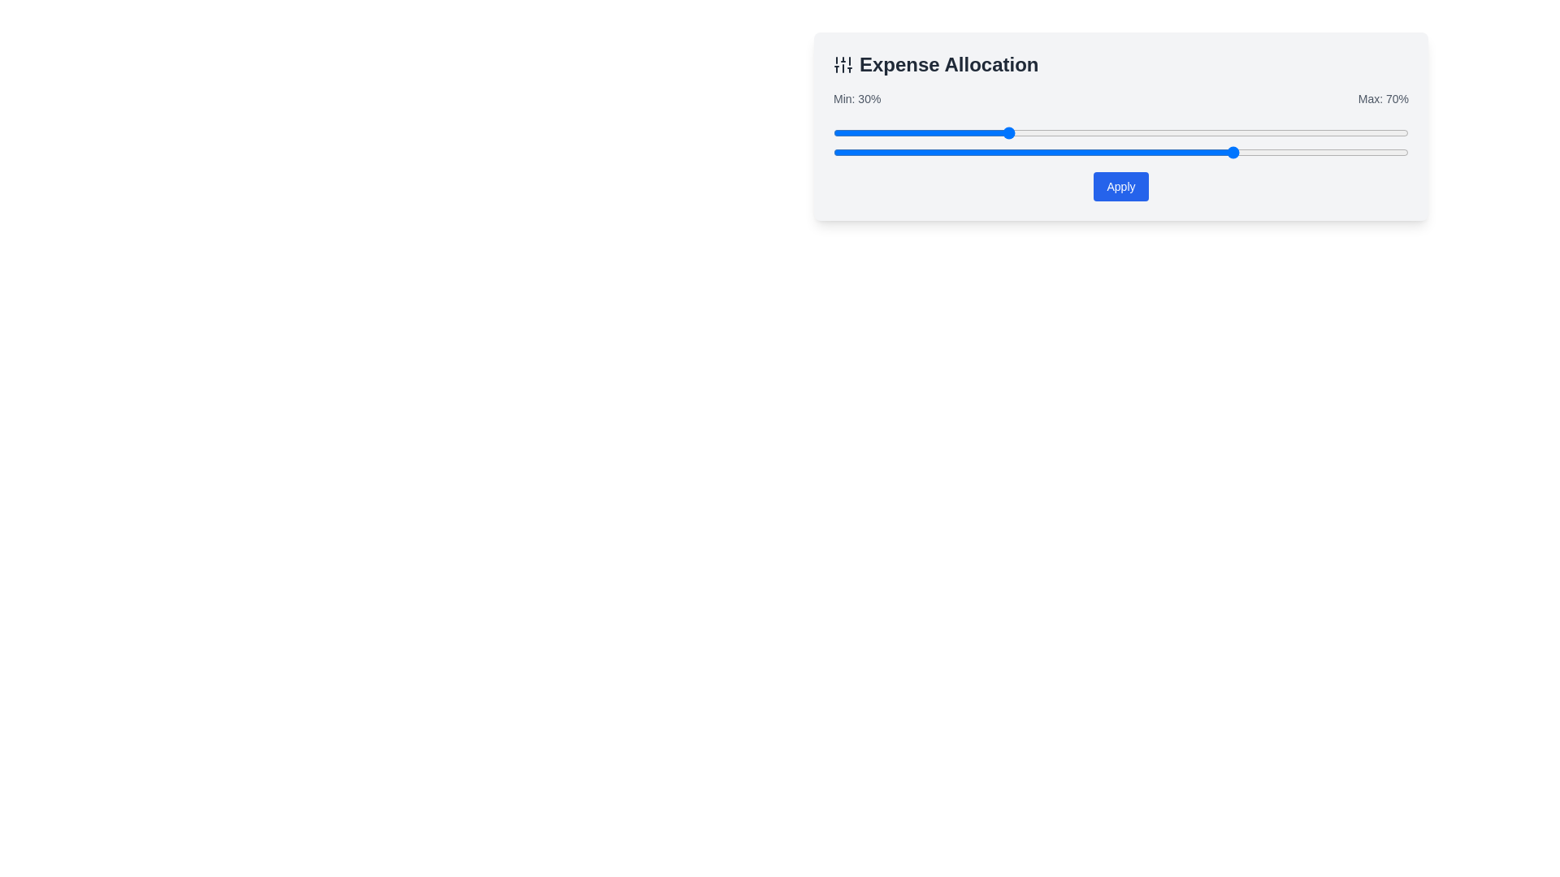 The height and width of the screenshot is (877, 1560). Describe the element at coordinates (1120, 186) in the screenshot. I see `the 'Apply' button, which is a rectangular button with white text on a bright blue background, located centrally beneath two horizontal blue sliders` at that location.